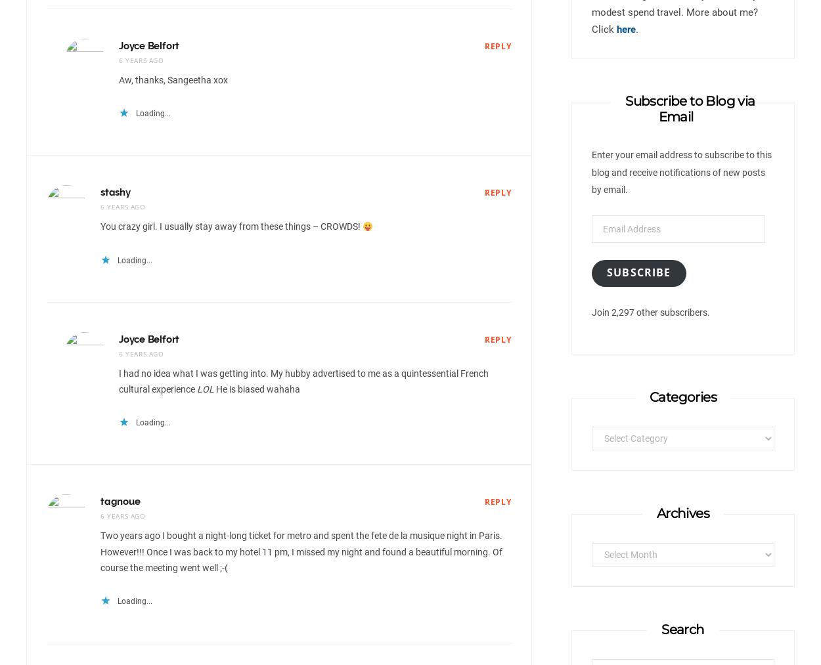 The width and height of the screenshot is (821, 665). What do you see at coordinates (690, 109) in the screenshot?
I see `'Subscribe to Blog via Email'` at bounding box center [690, 109].